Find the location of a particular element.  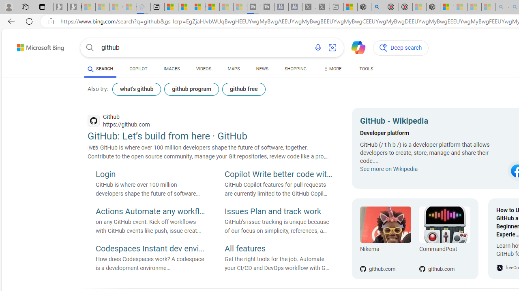

'View site information' is located at coordinates (51, 21).